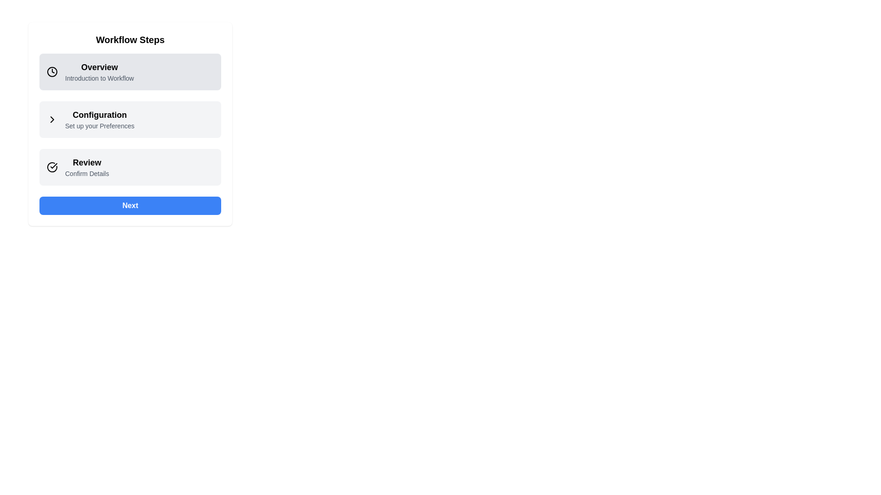 This screenshot has height=495, width=881. Describe the element at coordinates (129, 205) in the screenshot. I see `the large rectangular button with a blue background and white text reading 'Next' located at the bottom of the layout to activate its hover effects` at that location.